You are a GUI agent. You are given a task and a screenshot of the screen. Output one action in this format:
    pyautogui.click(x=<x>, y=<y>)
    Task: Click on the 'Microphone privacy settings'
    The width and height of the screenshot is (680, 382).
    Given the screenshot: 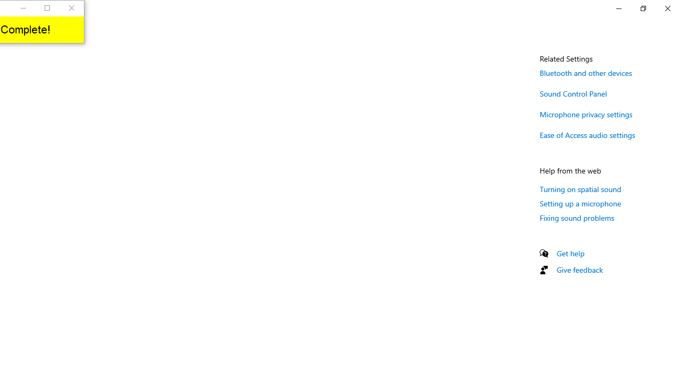 What is the action you would take?
    pyautogui.click(x=585, y=114)
    